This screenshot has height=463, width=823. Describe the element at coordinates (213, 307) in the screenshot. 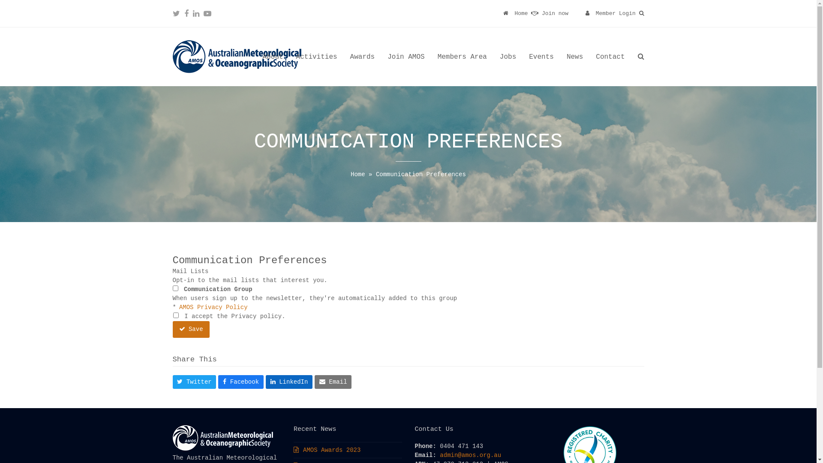

I see `'AMOS Privacy Policy'` at that location.